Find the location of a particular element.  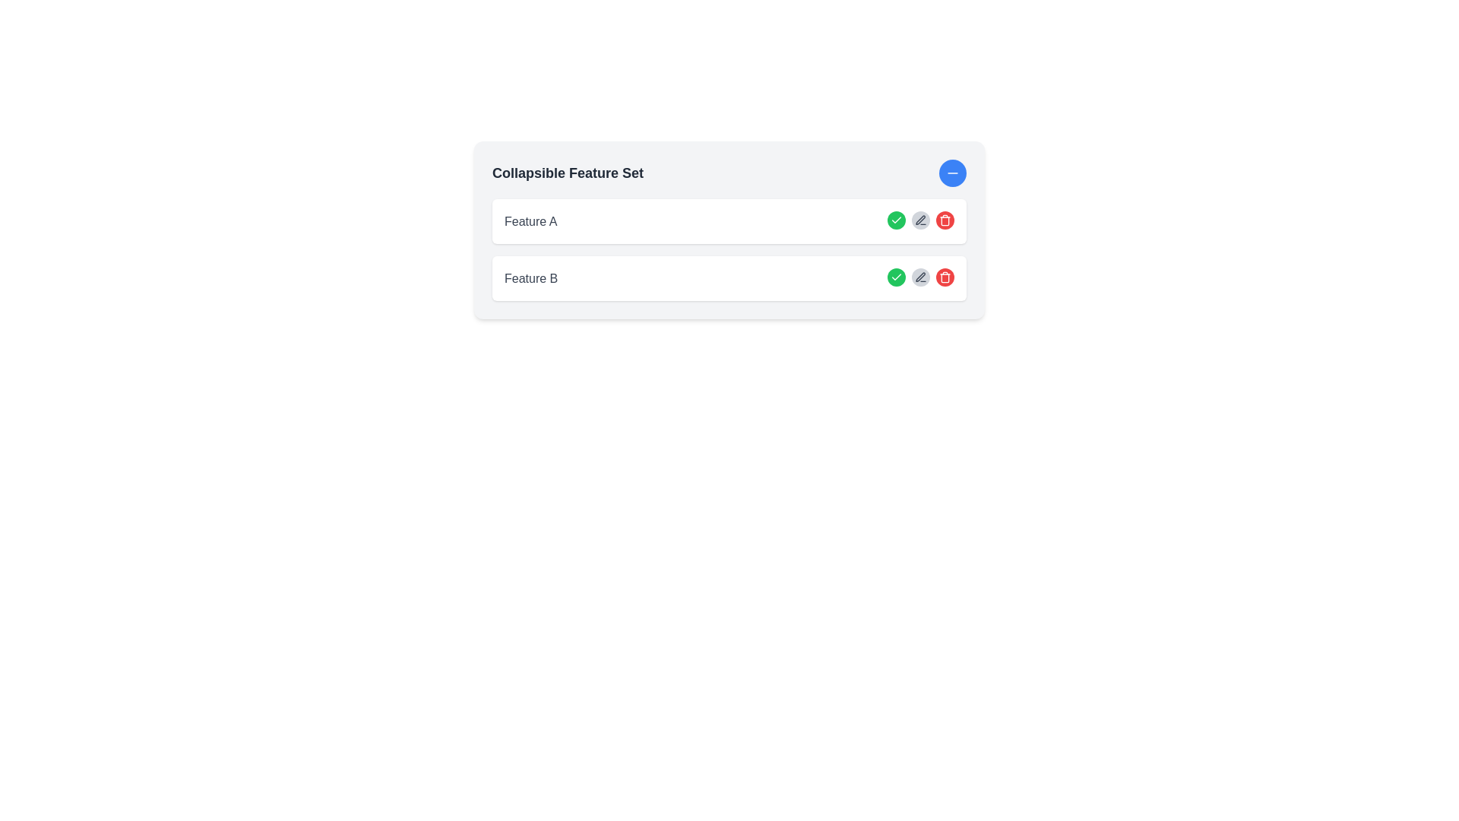

the circular green button with a white checkmark icon, which is the first button in a row of three is located at coordinates (897, 277).